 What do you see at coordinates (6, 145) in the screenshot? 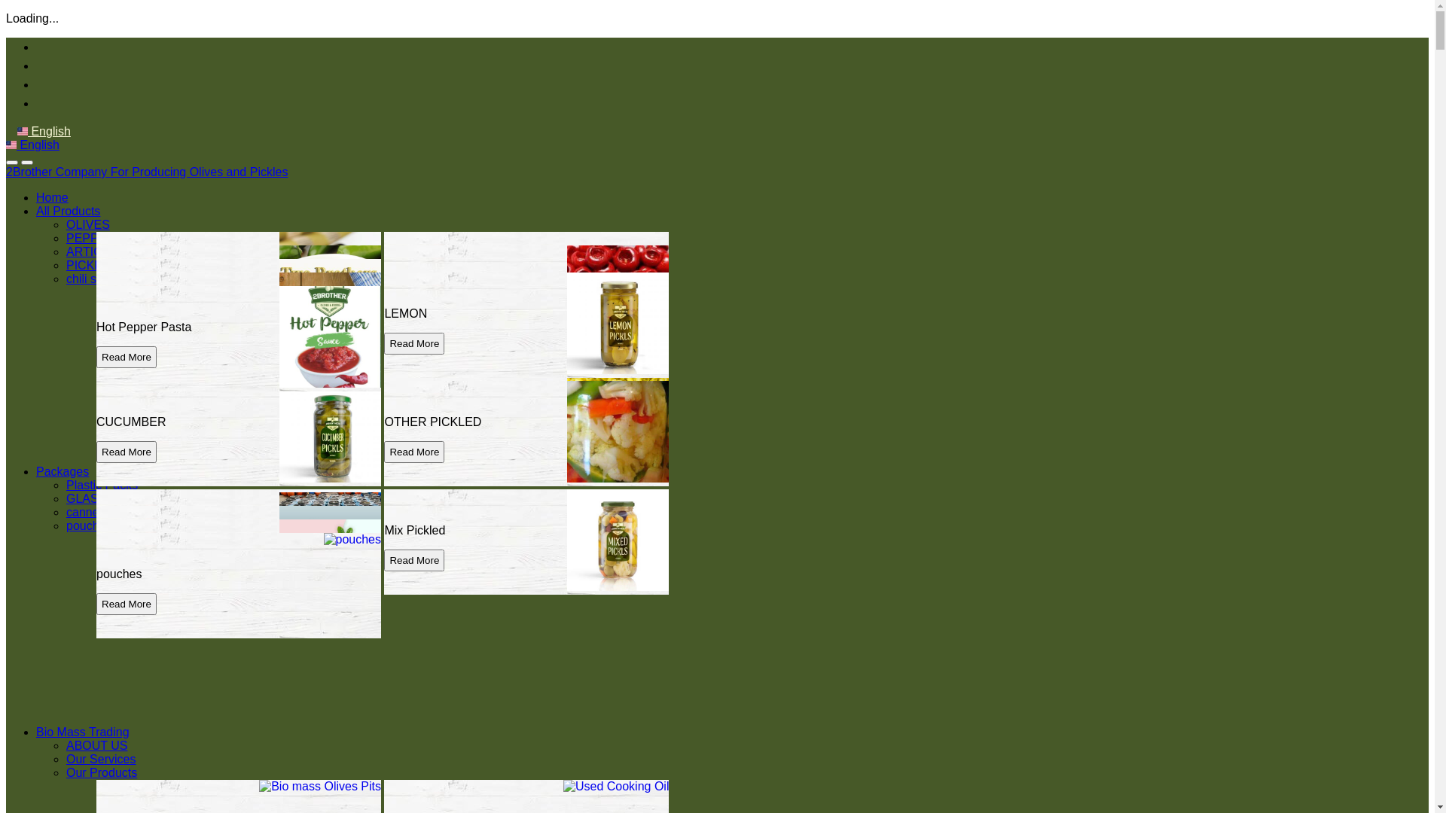
I see `'English'` at bounding box center [6, 145].